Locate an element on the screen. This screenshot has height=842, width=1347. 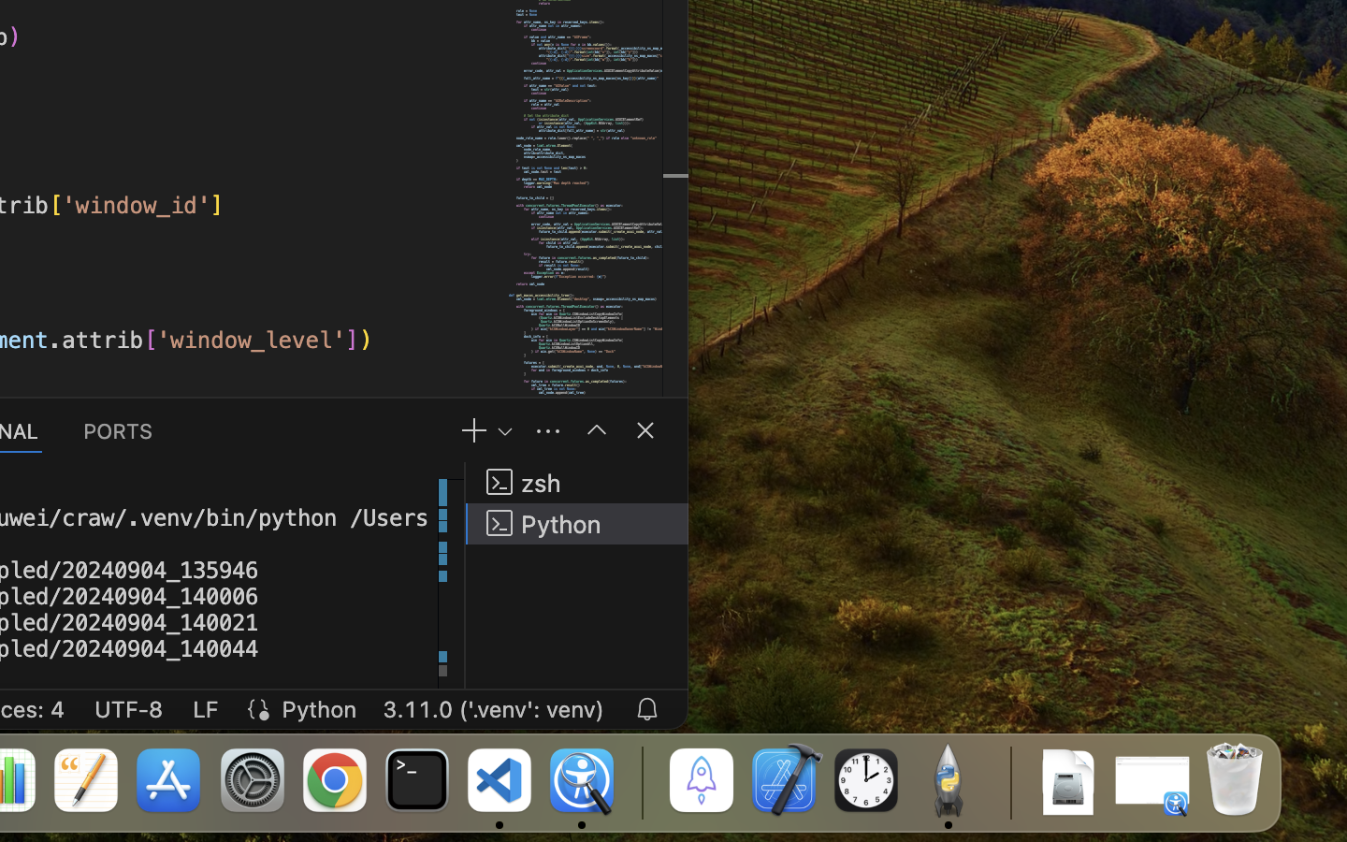
'zsh ' is located at coordinates (576, 481).